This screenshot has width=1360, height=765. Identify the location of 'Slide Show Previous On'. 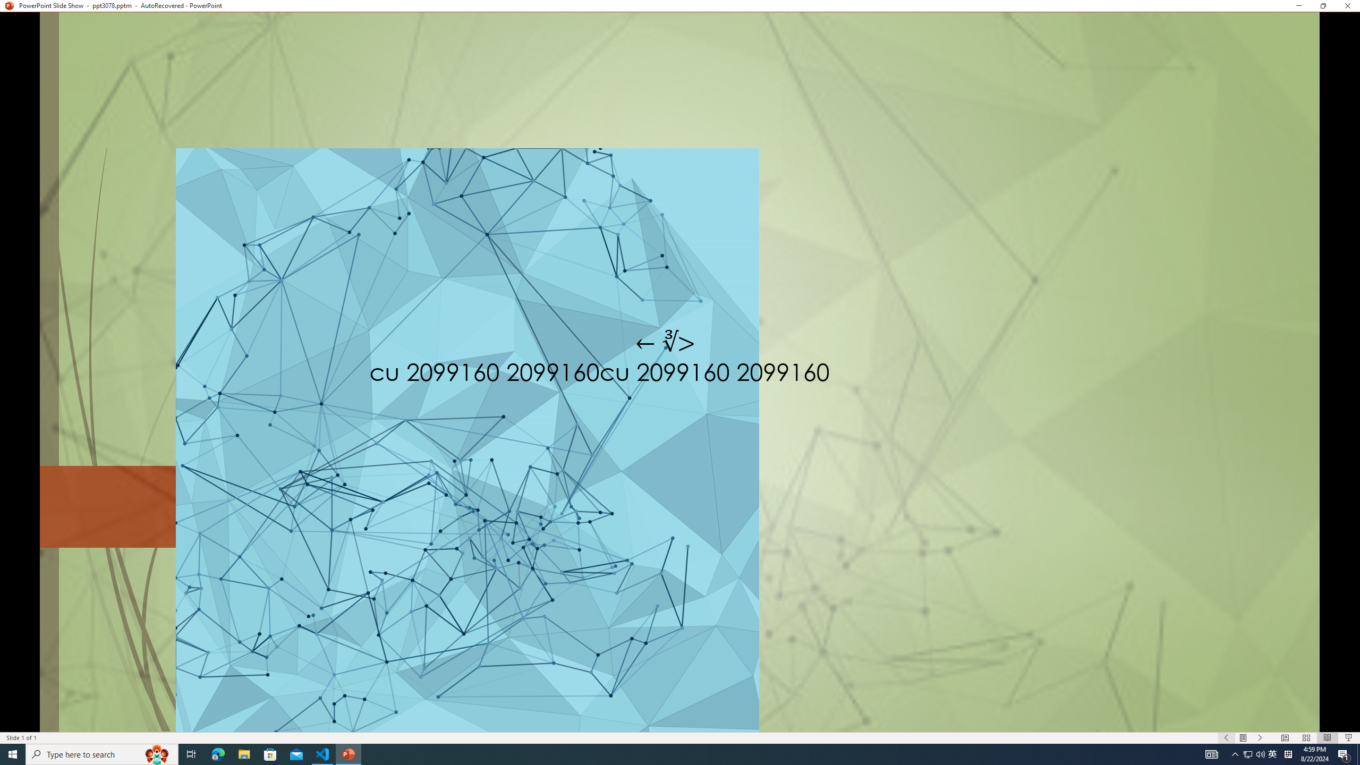
(1226, 738).